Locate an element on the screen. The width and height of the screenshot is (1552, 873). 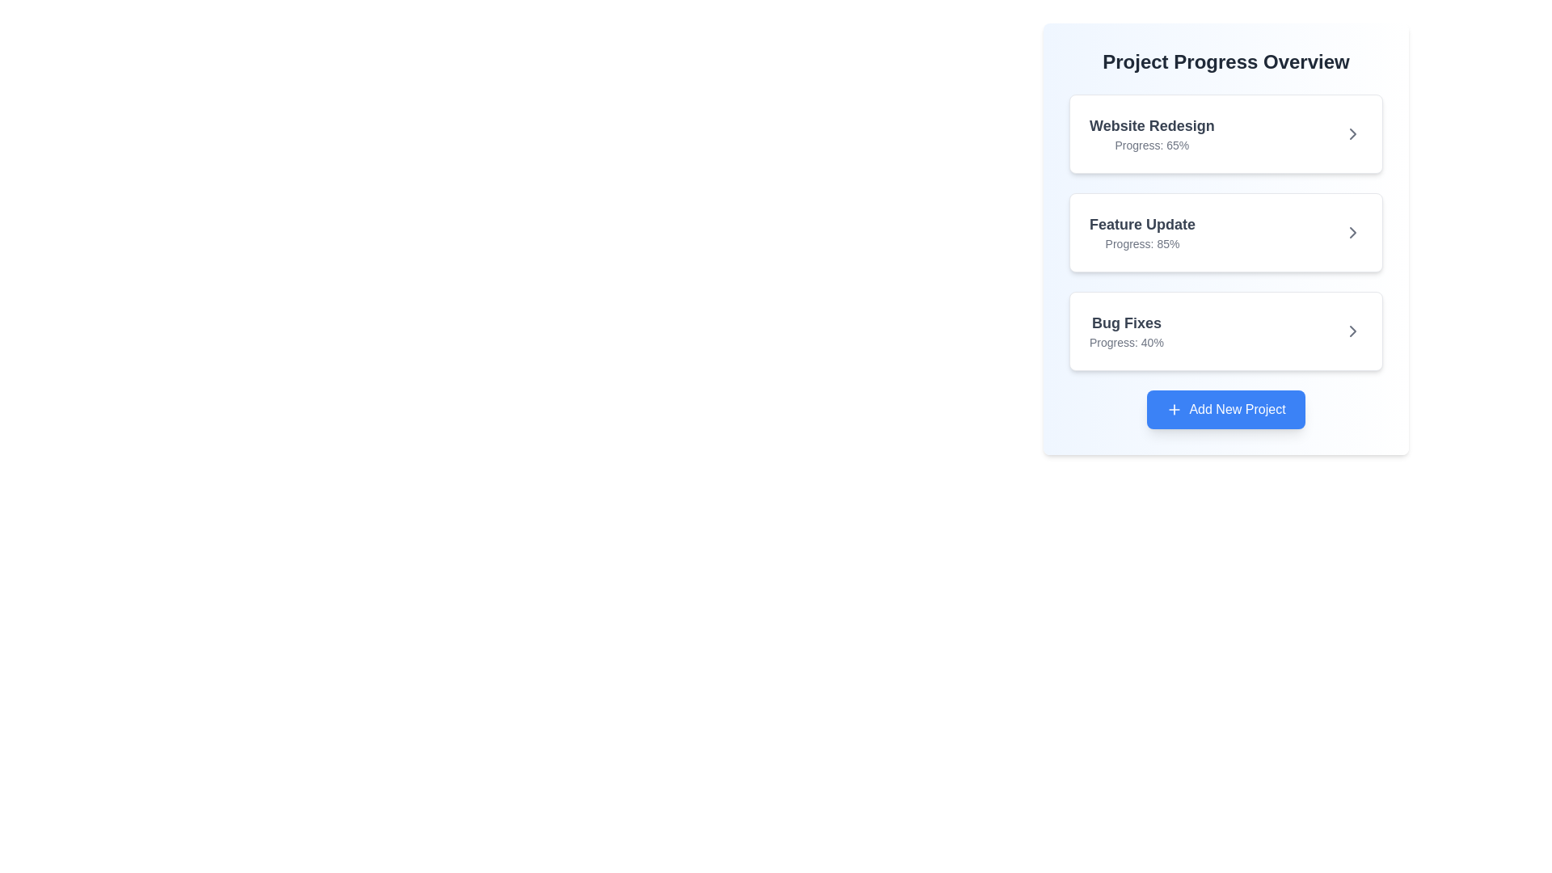
the static text label displaying 'Bug Fixes', which is styled prominently in gray and serves as a section header in the 'Project Progress Overview' panel is located at coordinates (1125, 323).